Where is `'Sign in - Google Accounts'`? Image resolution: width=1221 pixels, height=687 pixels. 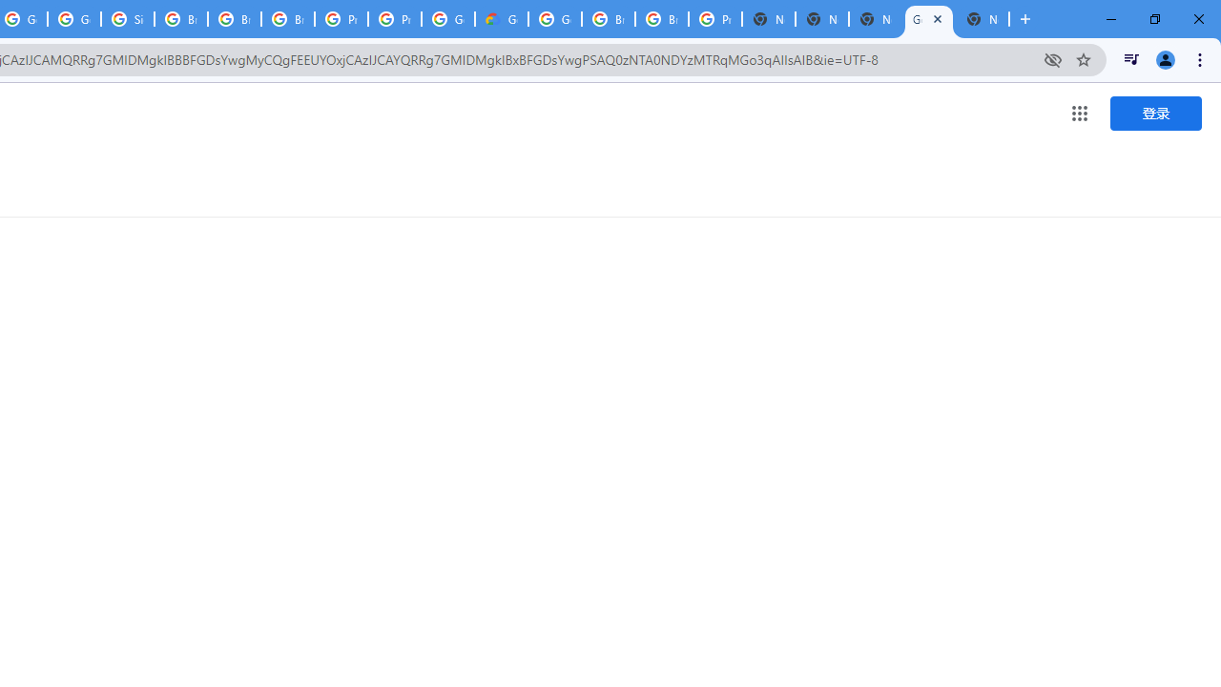
'Sign in - Google Accounts' is located at coordinates (127, 19).